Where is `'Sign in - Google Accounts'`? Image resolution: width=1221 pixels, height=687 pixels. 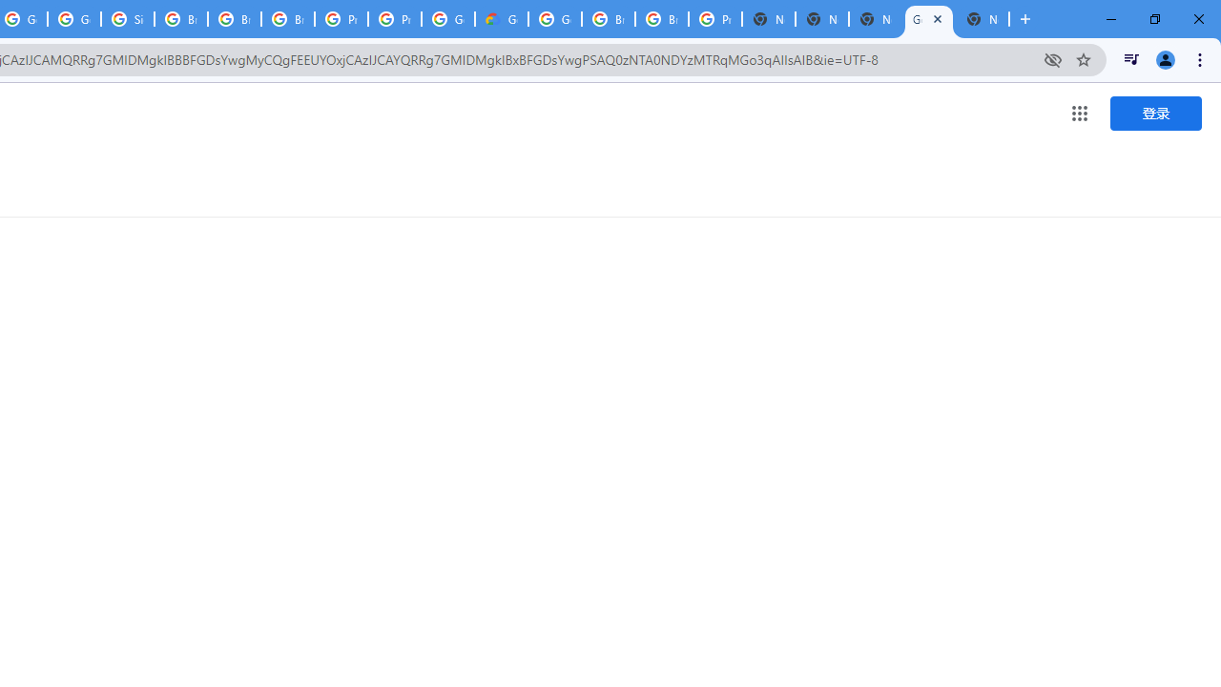
'Sign in - Google Accounts' is located at coordinates (127, 19).